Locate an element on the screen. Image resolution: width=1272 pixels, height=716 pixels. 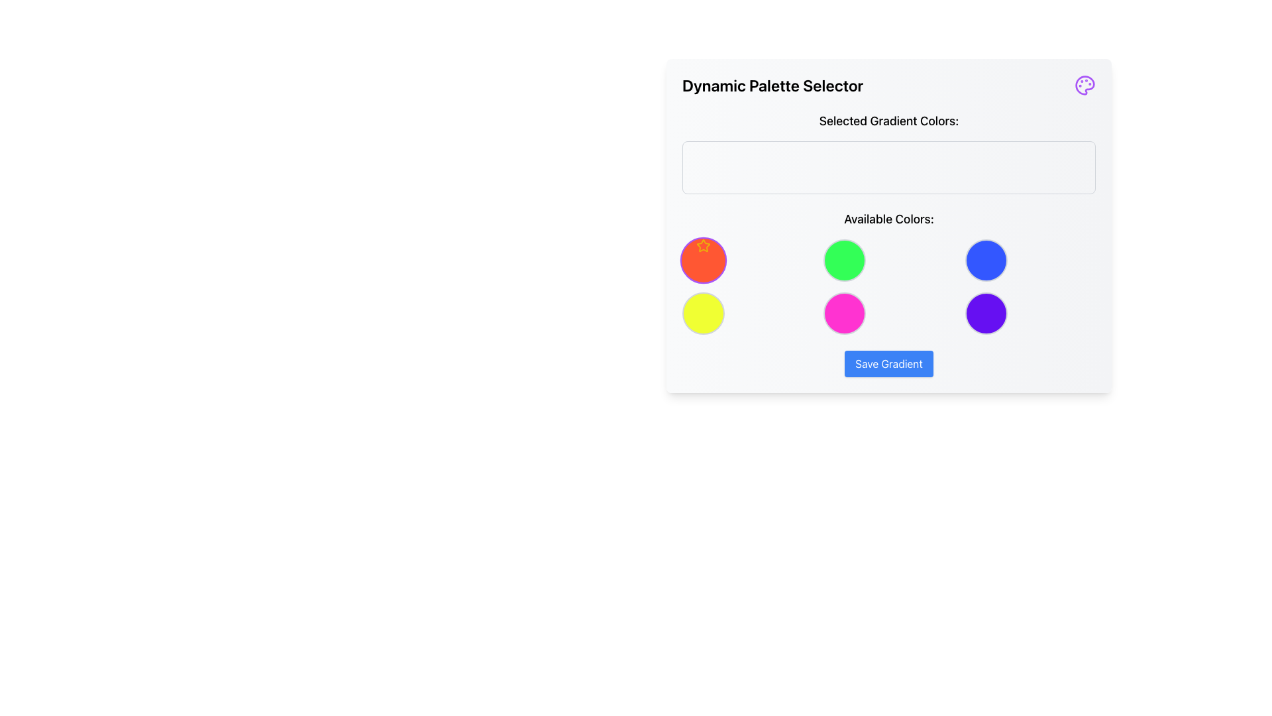
the main body of the palette icon located in the top-right corner of the interface within the 'Dynamic Palette Selector' section is located at coordinates (1085, 85).